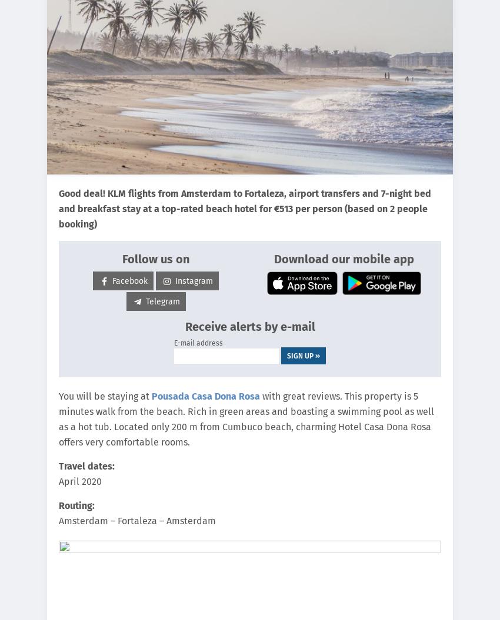 Image resolution: width=500 pixels, height=620 pixels. I want to click on 'Download our mobile app', so click(344, 258).